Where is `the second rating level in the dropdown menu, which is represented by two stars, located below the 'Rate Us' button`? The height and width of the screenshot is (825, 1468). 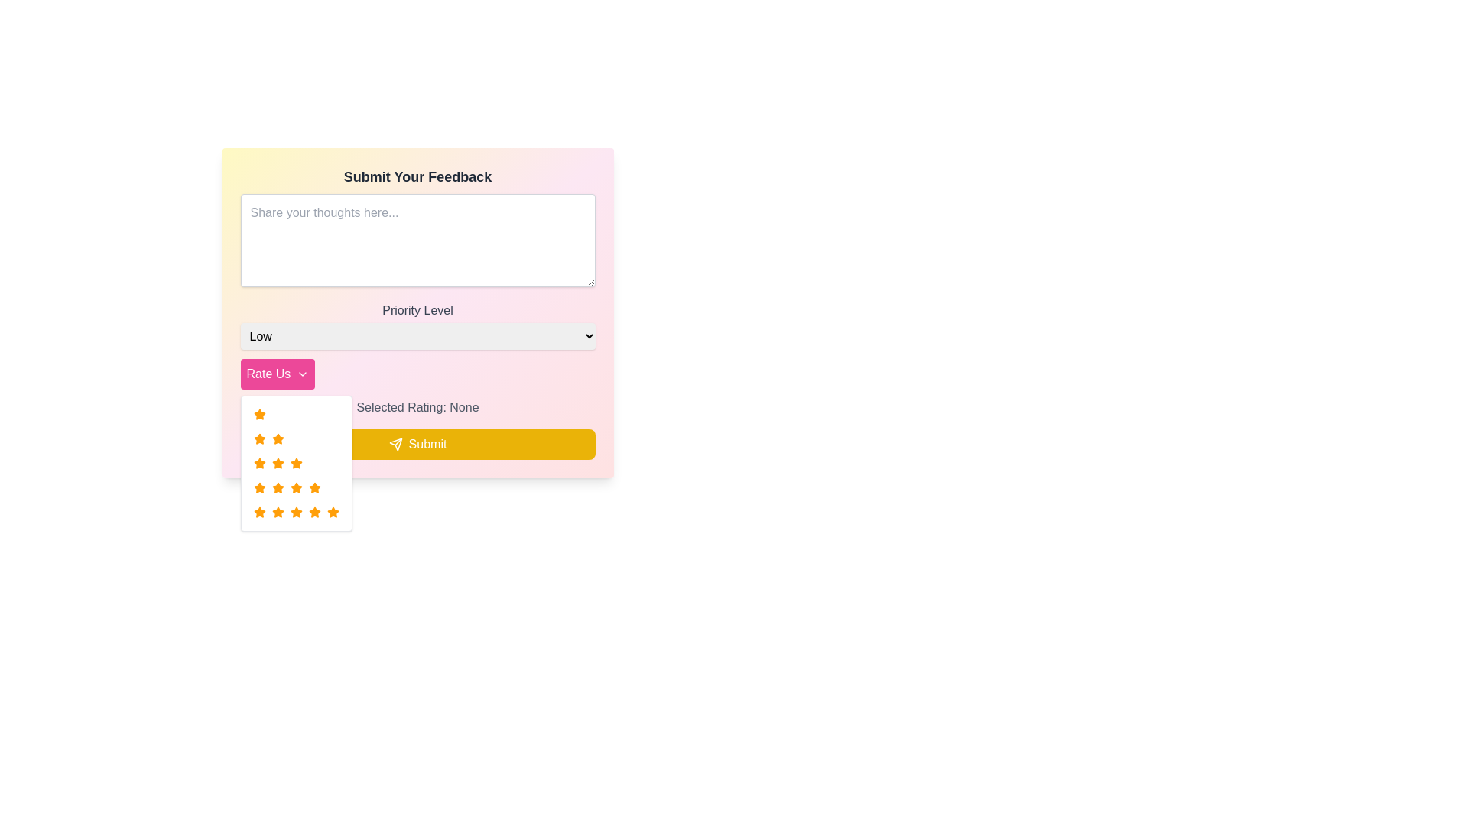 the second rating level in the dropdown menu, which is represented by two stars, located below the 'Rate Us' button is located at coordinates (296, 438).